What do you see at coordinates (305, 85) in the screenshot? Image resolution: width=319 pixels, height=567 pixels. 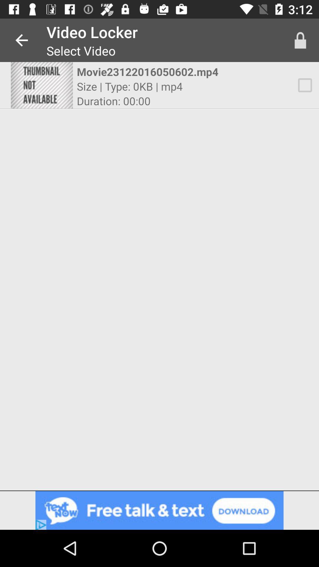 I see `the icon next to the movie23122016050602.mp4 icon` at bounding box center [305, 85].